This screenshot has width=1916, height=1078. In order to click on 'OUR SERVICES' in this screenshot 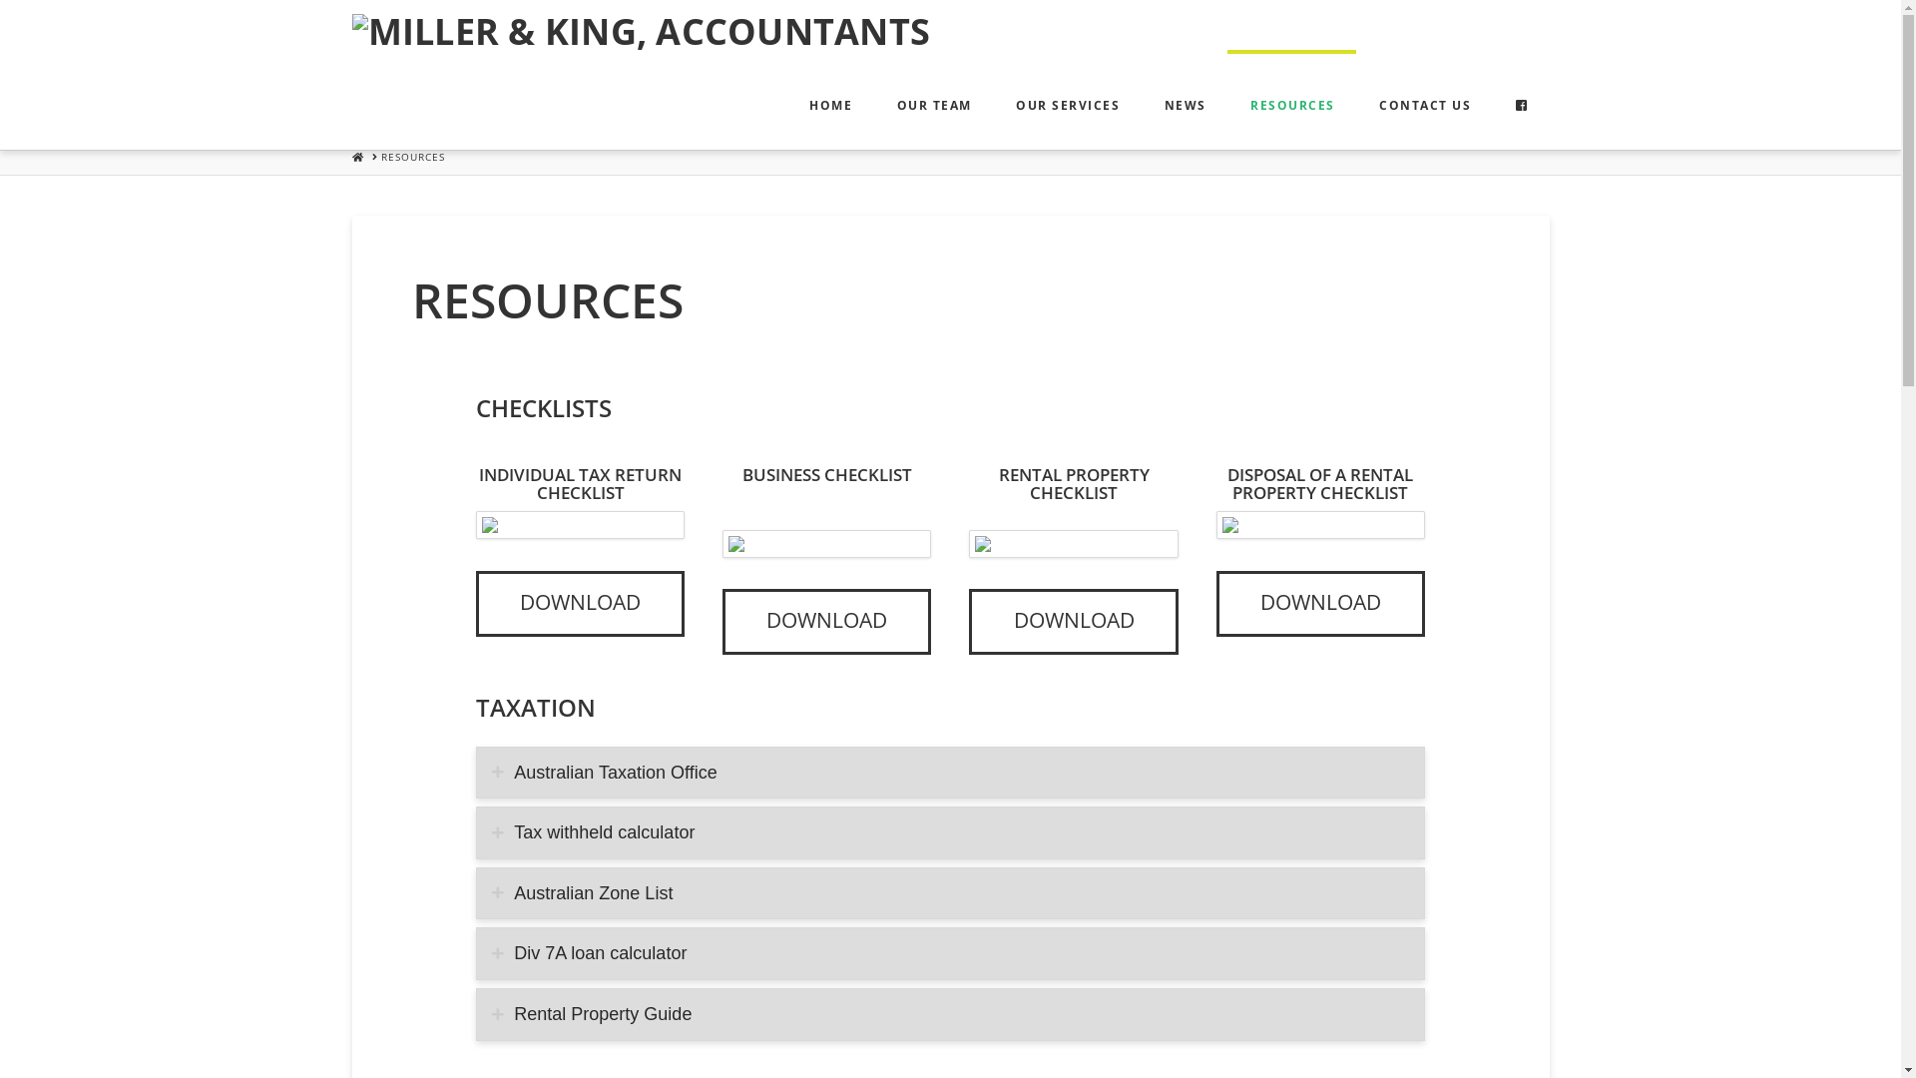, I will do `click(992, 100)`.